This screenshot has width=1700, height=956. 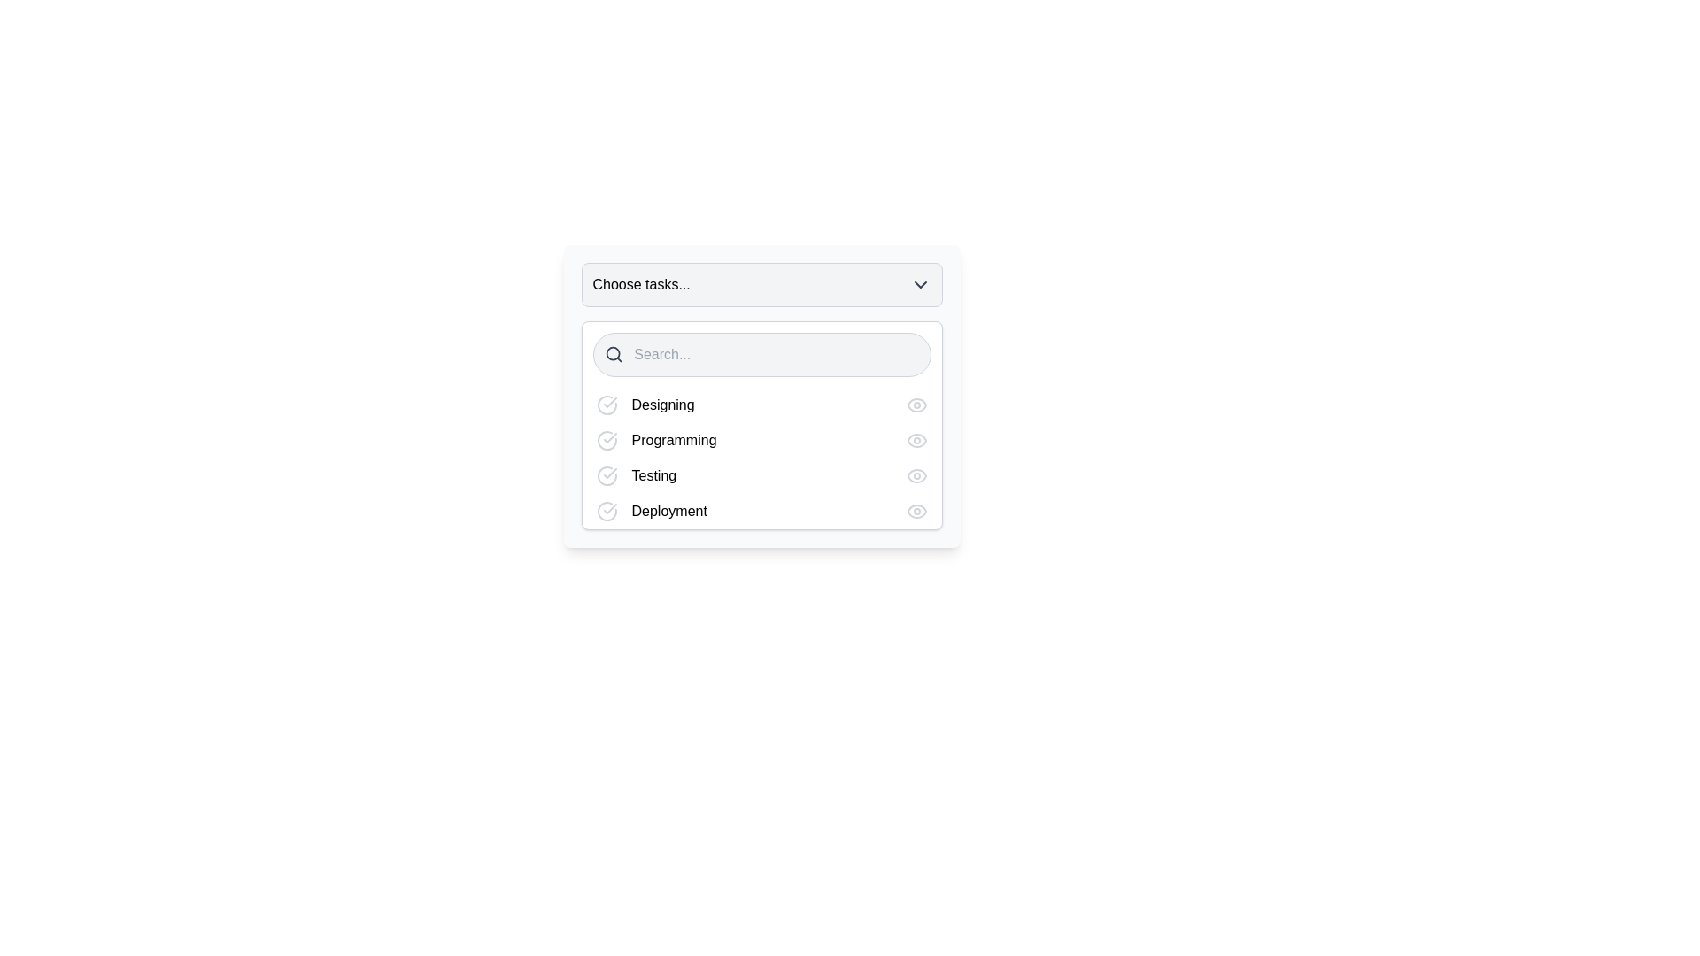 What do you see at coordinates (607, 439) in the screenshot?
I see `the circular tick mark icon located to the left of the 'Programming' text label in the second row of the dropdown panel` at bounding box center [607, 439].